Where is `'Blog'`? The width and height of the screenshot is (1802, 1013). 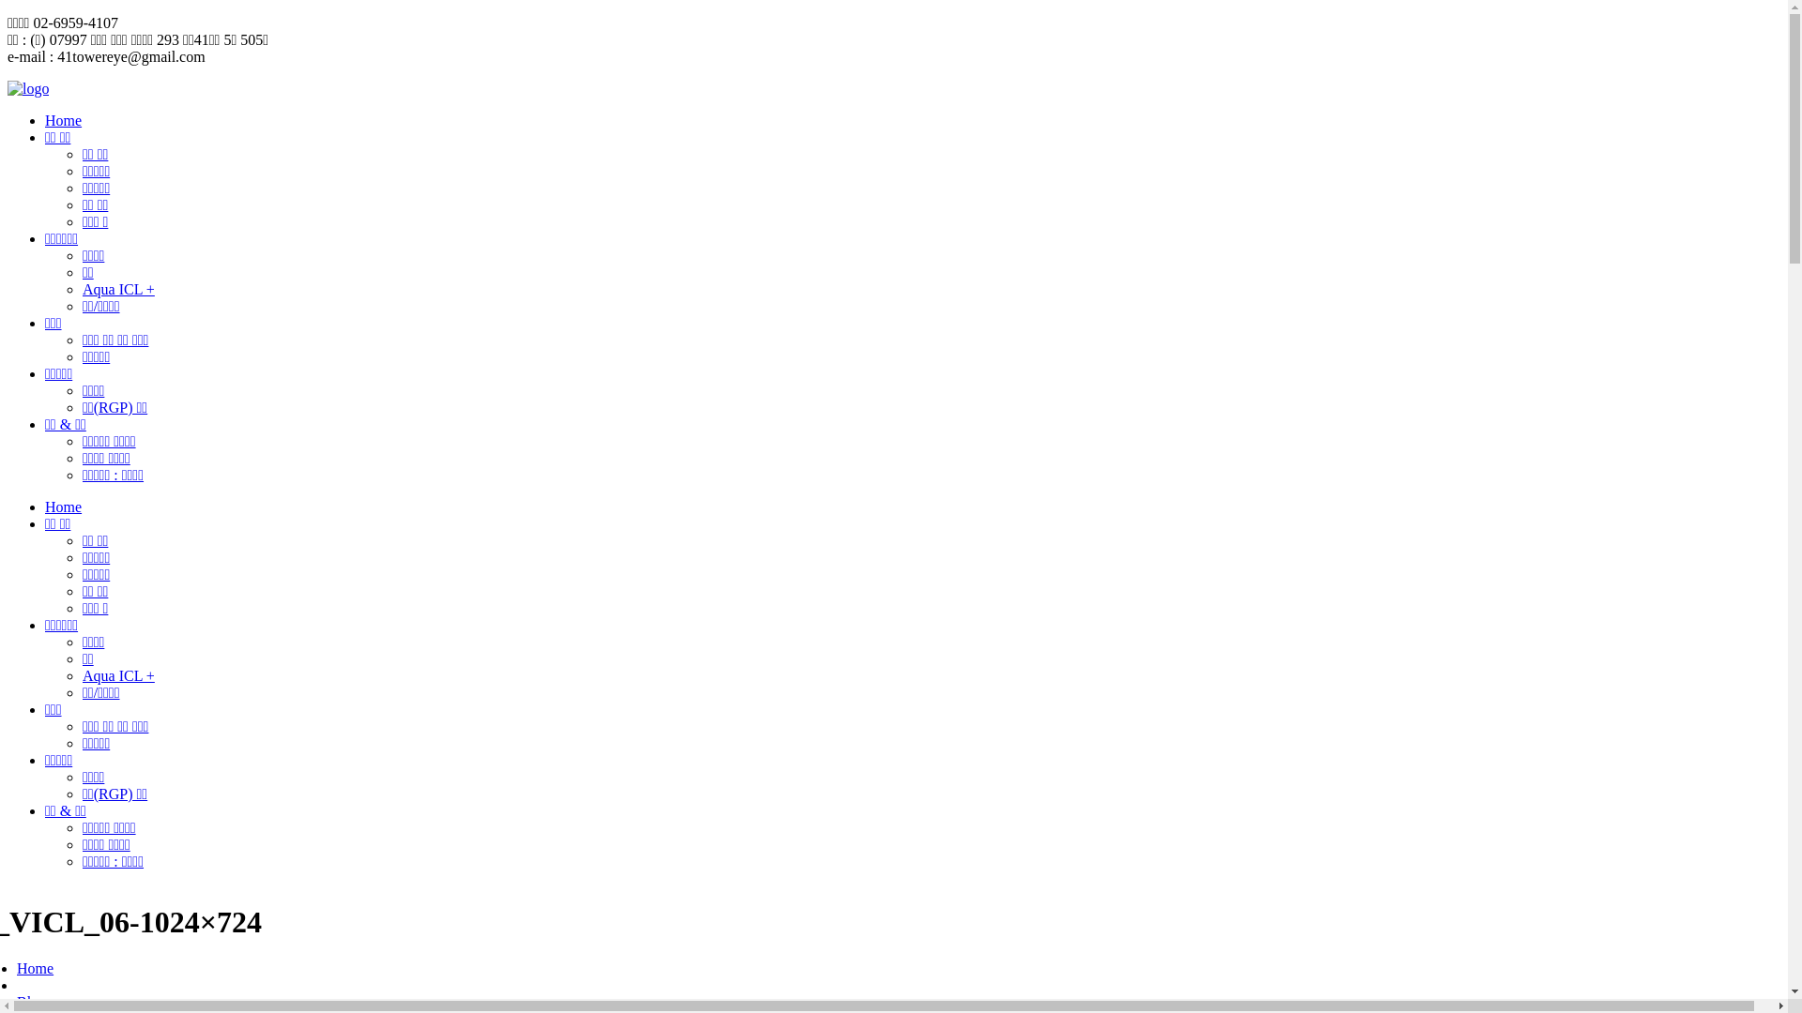
'Blog' is located at coordinates (31, 1001).